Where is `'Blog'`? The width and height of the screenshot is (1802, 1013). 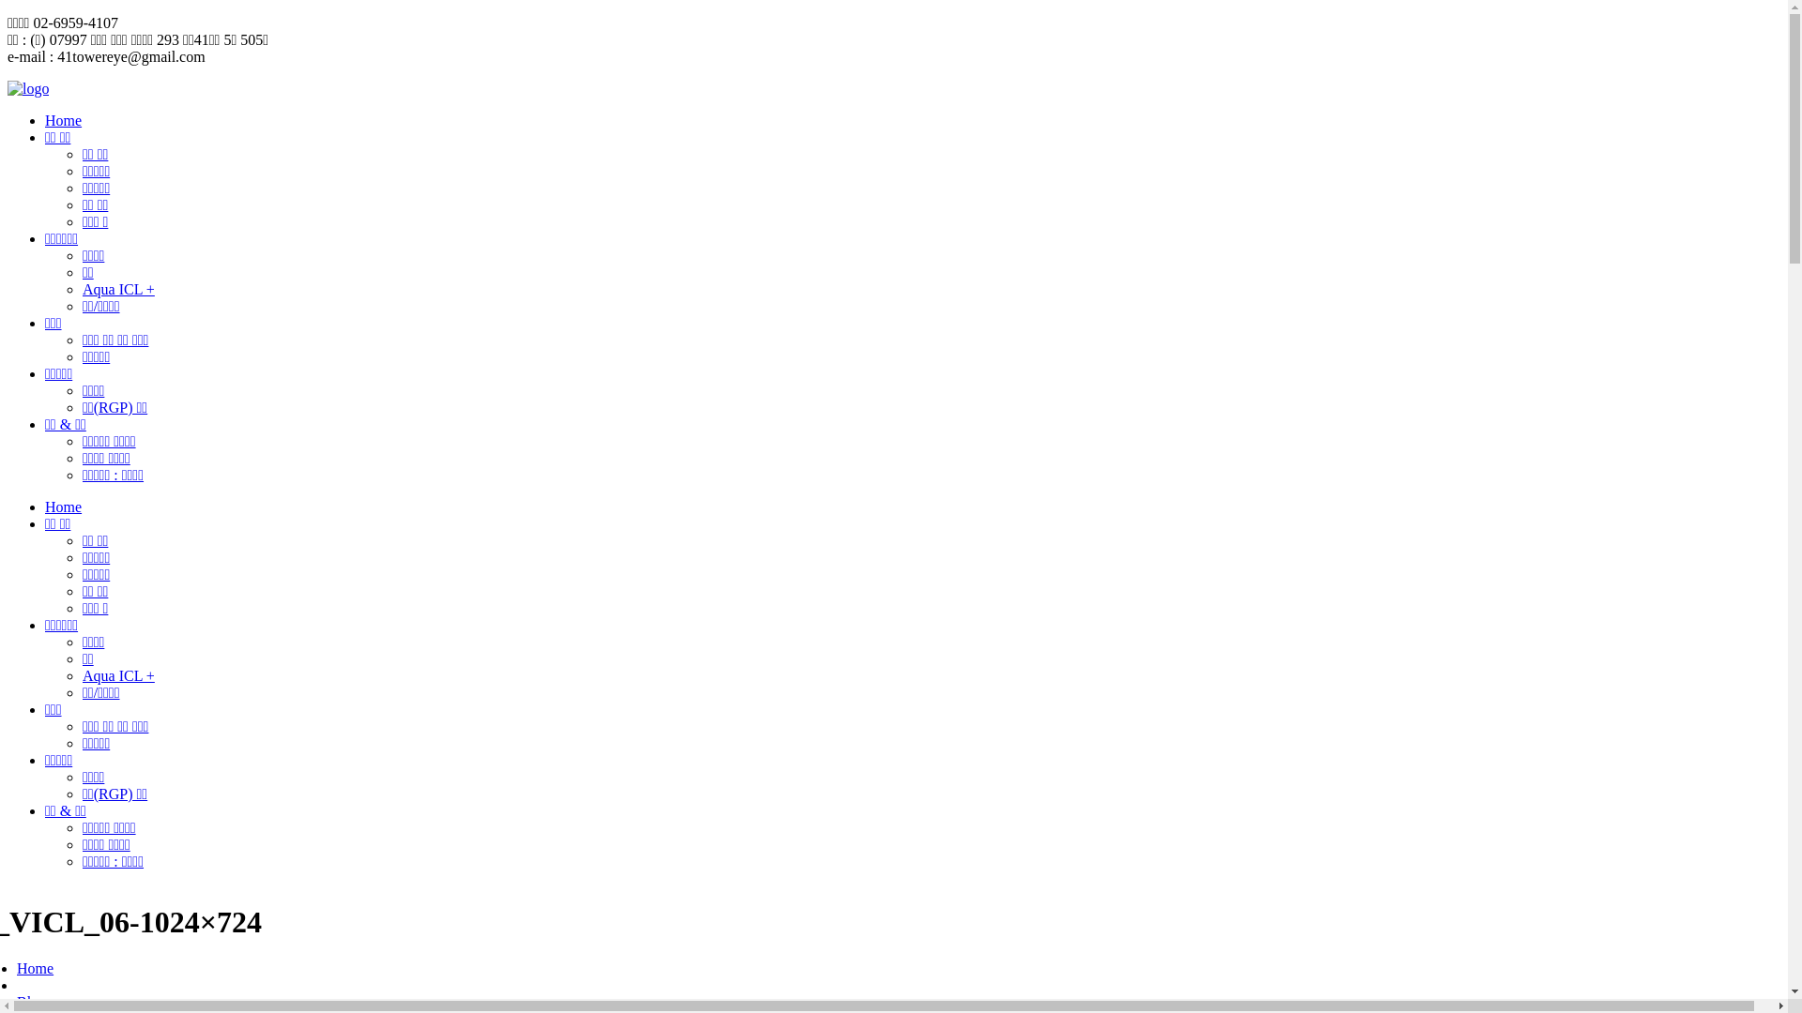
'Blog' is located at coordinates (31, 1001).